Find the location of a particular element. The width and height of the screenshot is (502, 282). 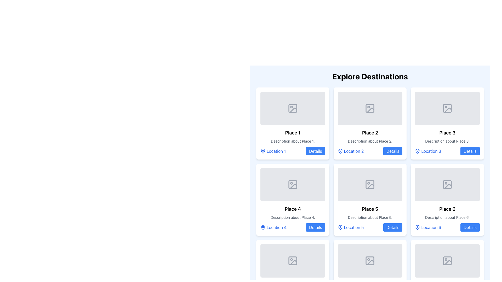

the centrally aligned heading text that serves as the title for the section containing a grid of destinations is located at coordinates (370, 77).